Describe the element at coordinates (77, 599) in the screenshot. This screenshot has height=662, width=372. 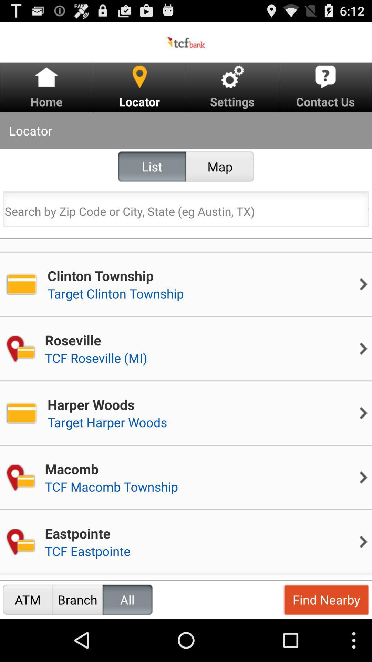
I see `the item to the left of all radio button` at that location.